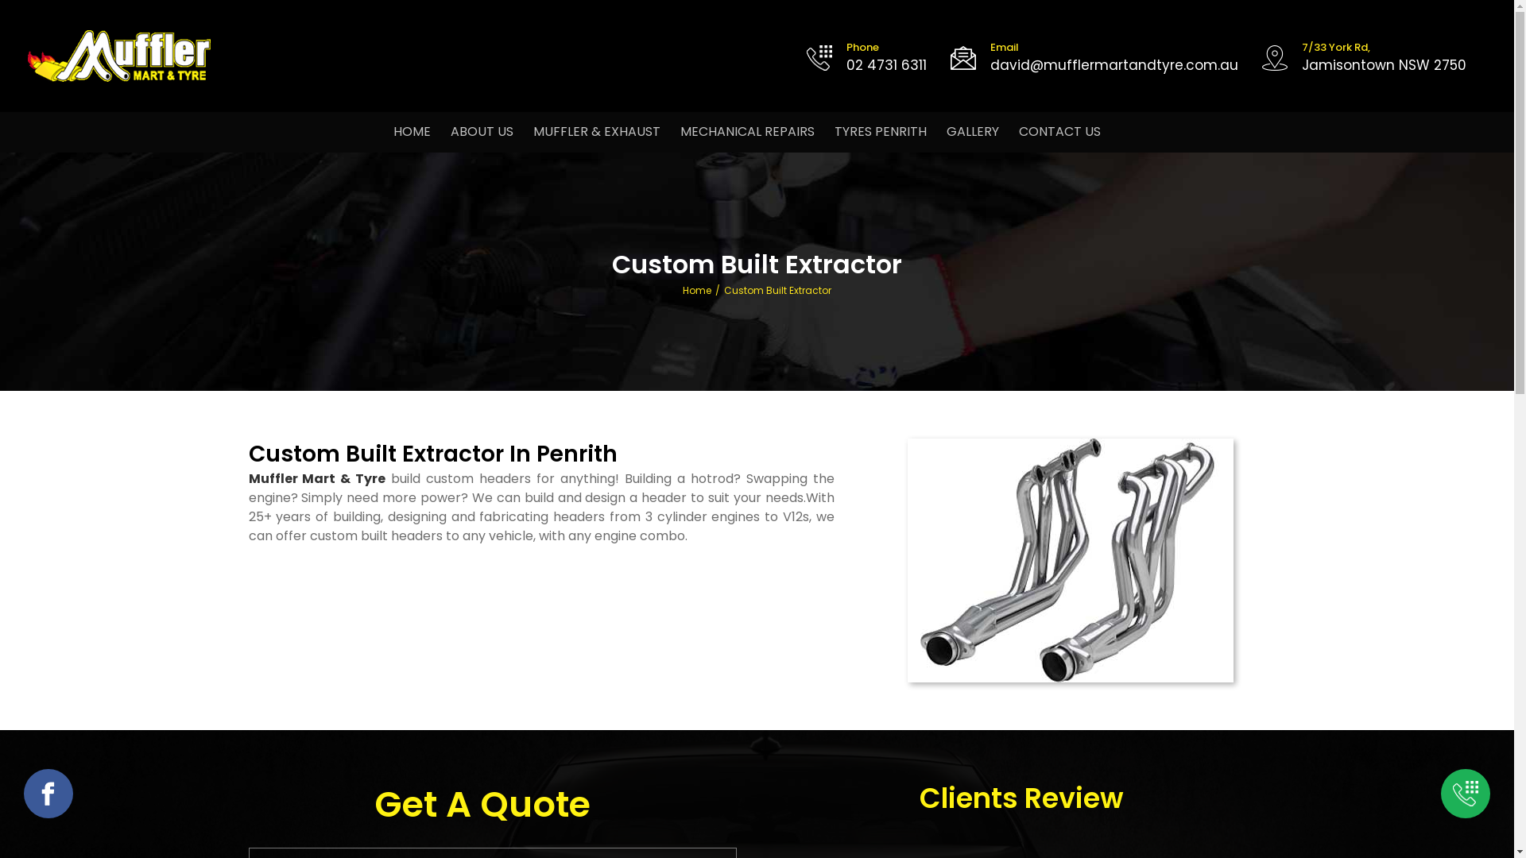 The image size is (1526, 858). What do you see at coordinates (1071, 559) in the screenshot?
I see `'extractor'` at bounding box center [1071, 559].